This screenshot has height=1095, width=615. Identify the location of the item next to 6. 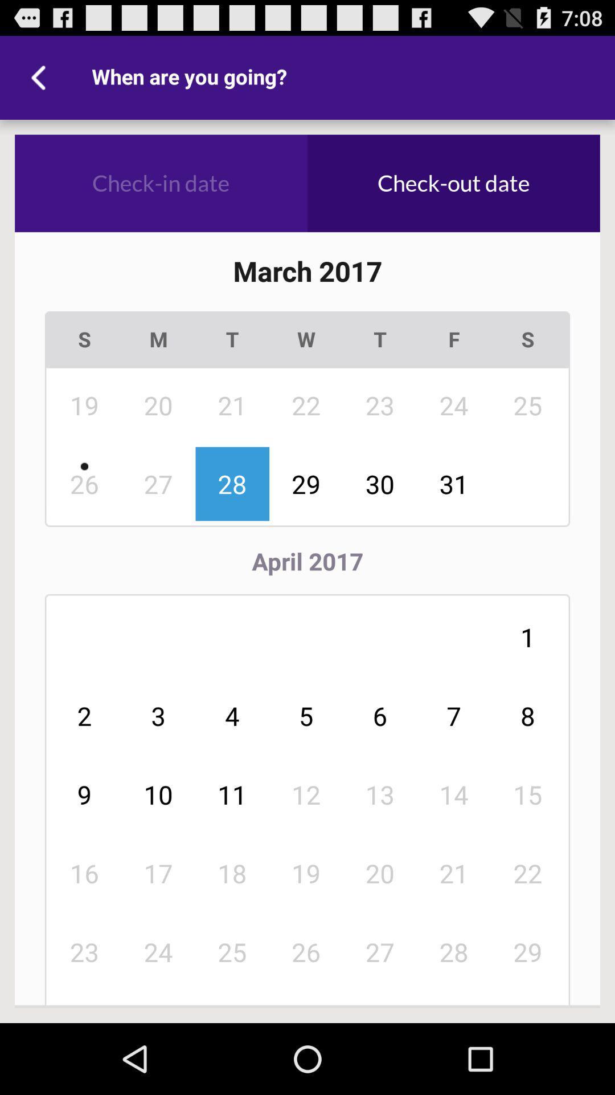
(306, 794).